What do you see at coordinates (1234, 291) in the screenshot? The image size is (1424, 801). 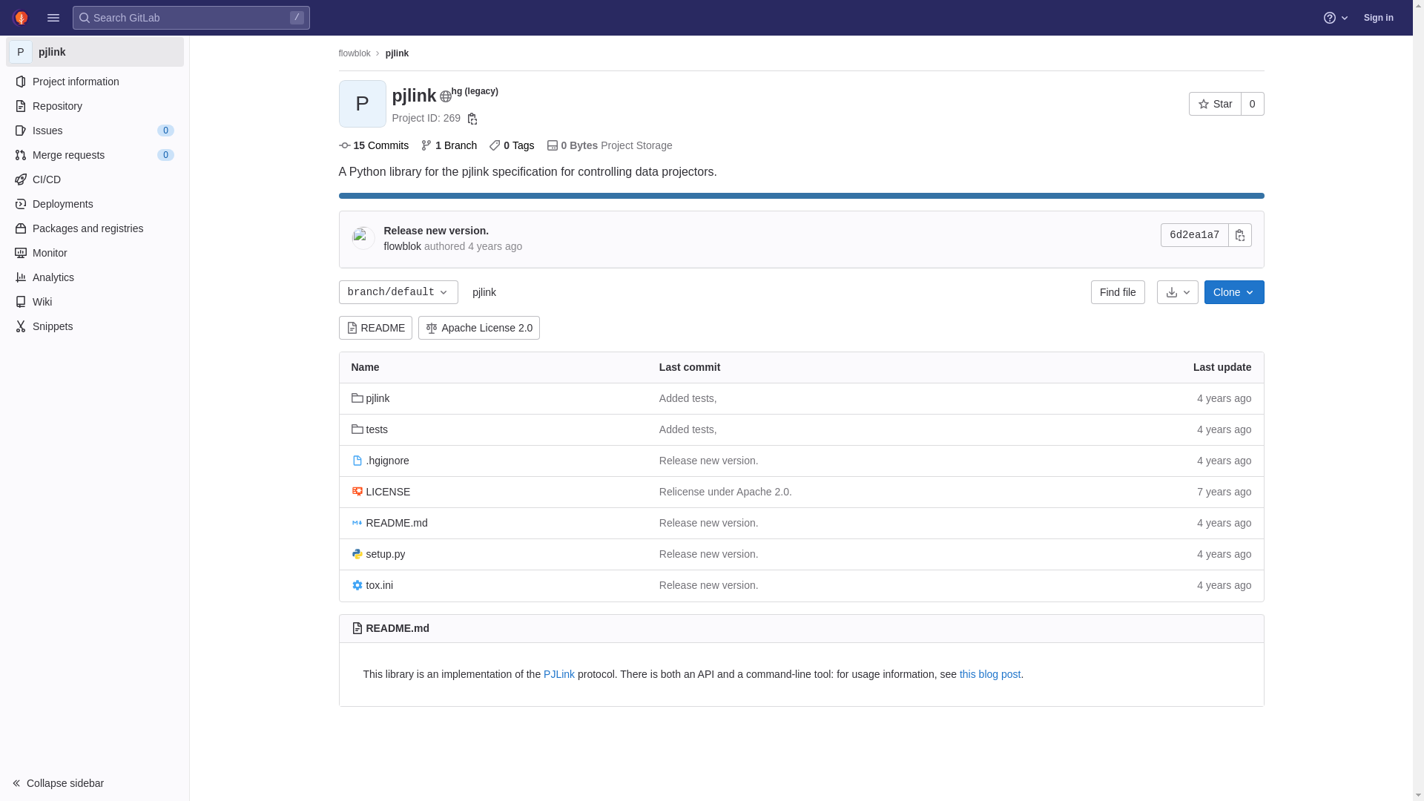 I see `'Clone'` at bounding box center [1234, 291].